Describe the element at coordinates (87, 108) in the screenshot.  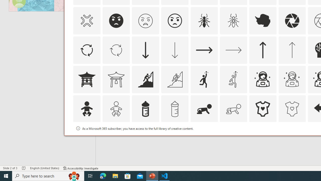
I see `'AutomationID: Icons_Baby'` at that location.